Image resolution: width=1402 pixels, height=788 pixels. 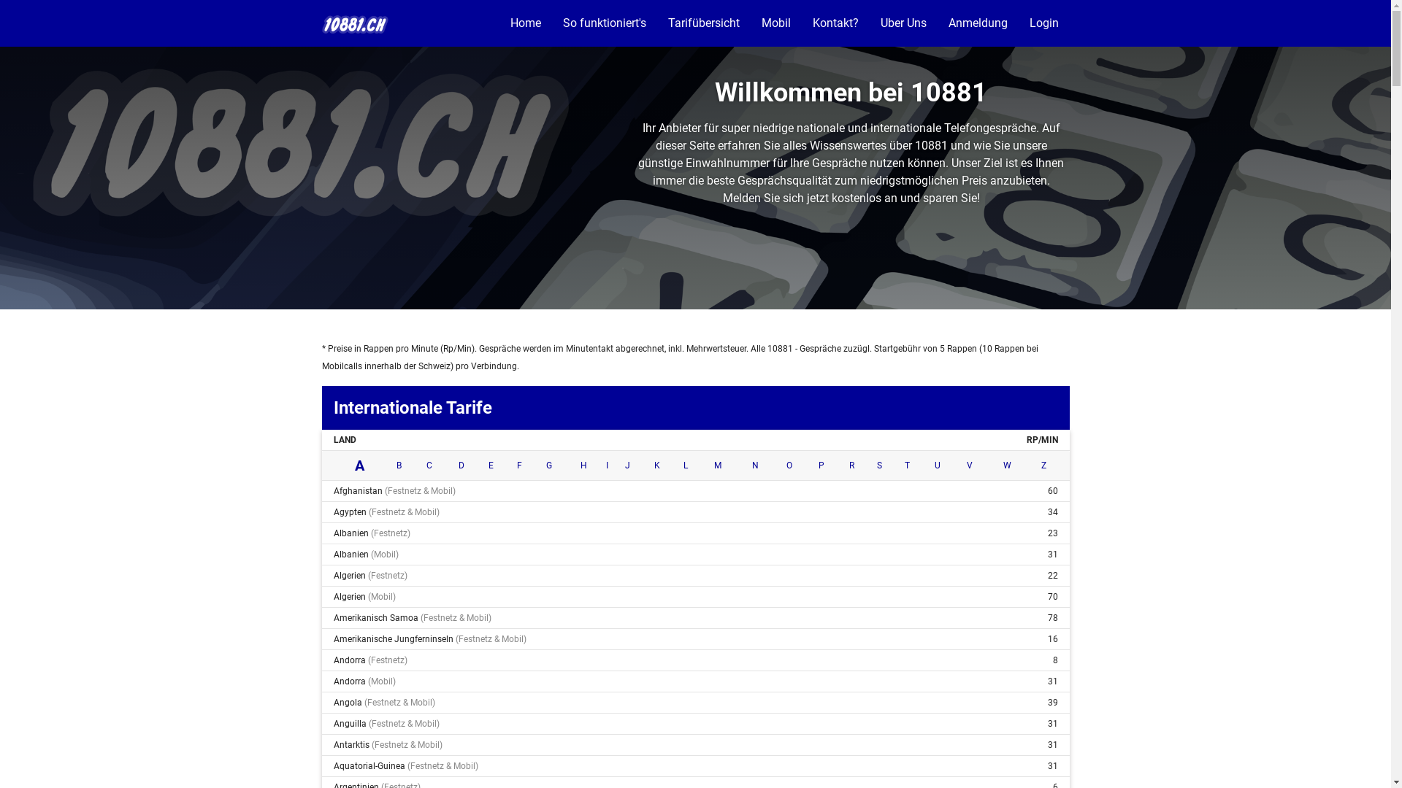 What do you see at coordinates (606, 465) in the screenshot?
I see `'I'` at bounding box center [606, 465].